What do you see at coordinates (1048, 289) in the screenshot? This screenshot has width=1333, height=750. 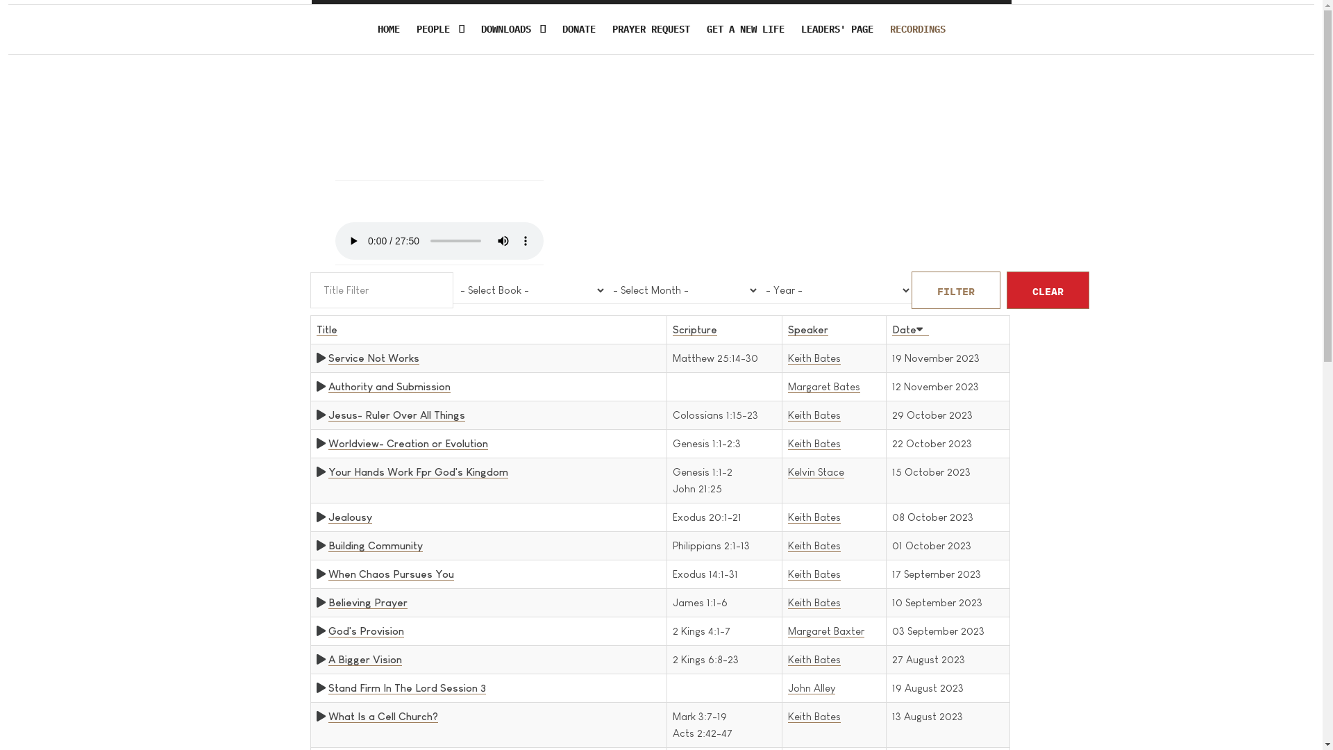 I see `'CLEAR'` at bounding box center [1048, 289].